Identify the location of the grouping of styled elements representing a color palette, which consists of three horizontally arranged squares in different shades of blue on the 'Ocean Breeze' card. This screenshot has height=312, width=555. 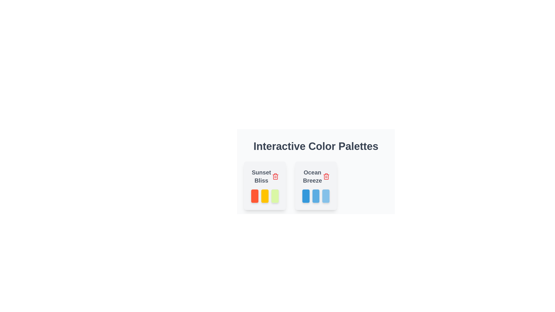
(316, 196).